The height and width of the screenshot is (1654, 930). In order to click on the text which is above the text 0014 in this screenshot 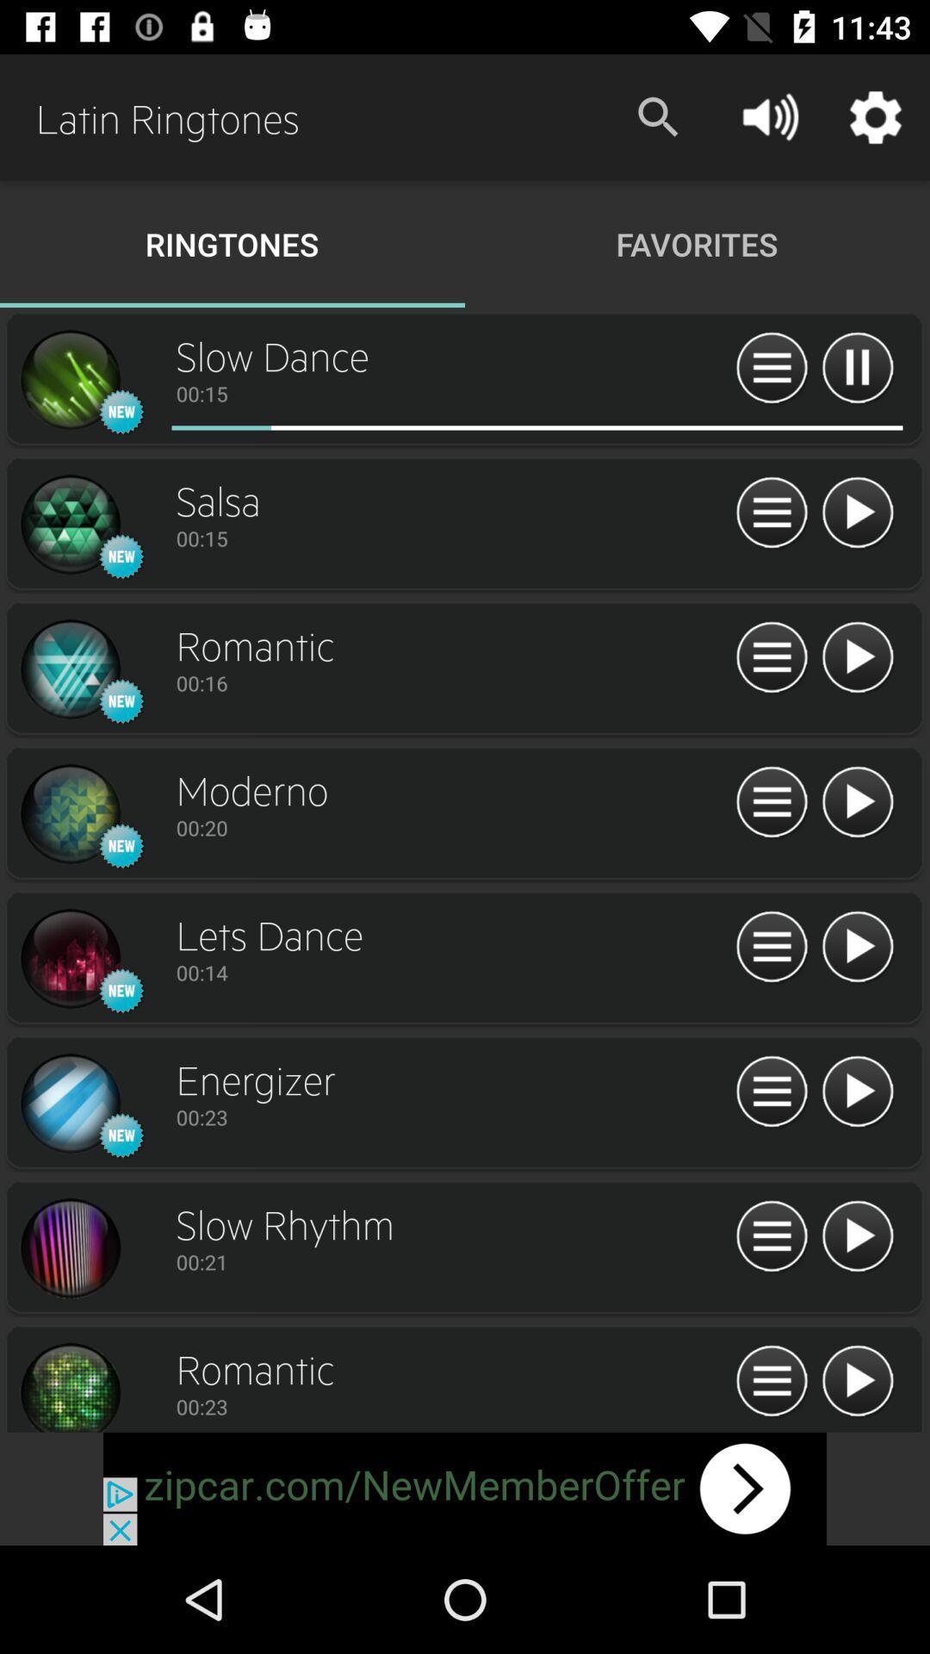, I will do `click(450, 933)`.